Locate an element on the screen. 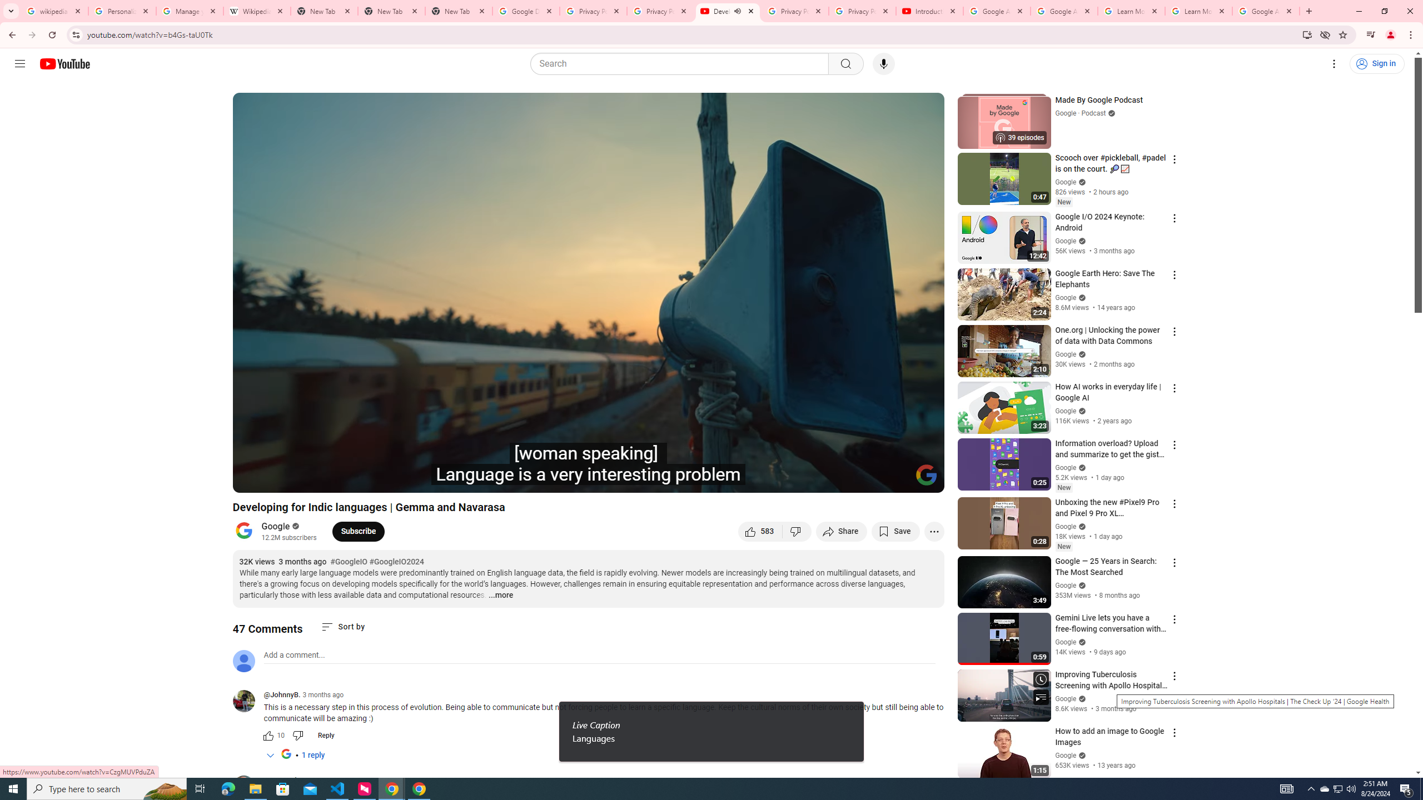  '@JohnnyB.' is located at coordinates (247, 701).